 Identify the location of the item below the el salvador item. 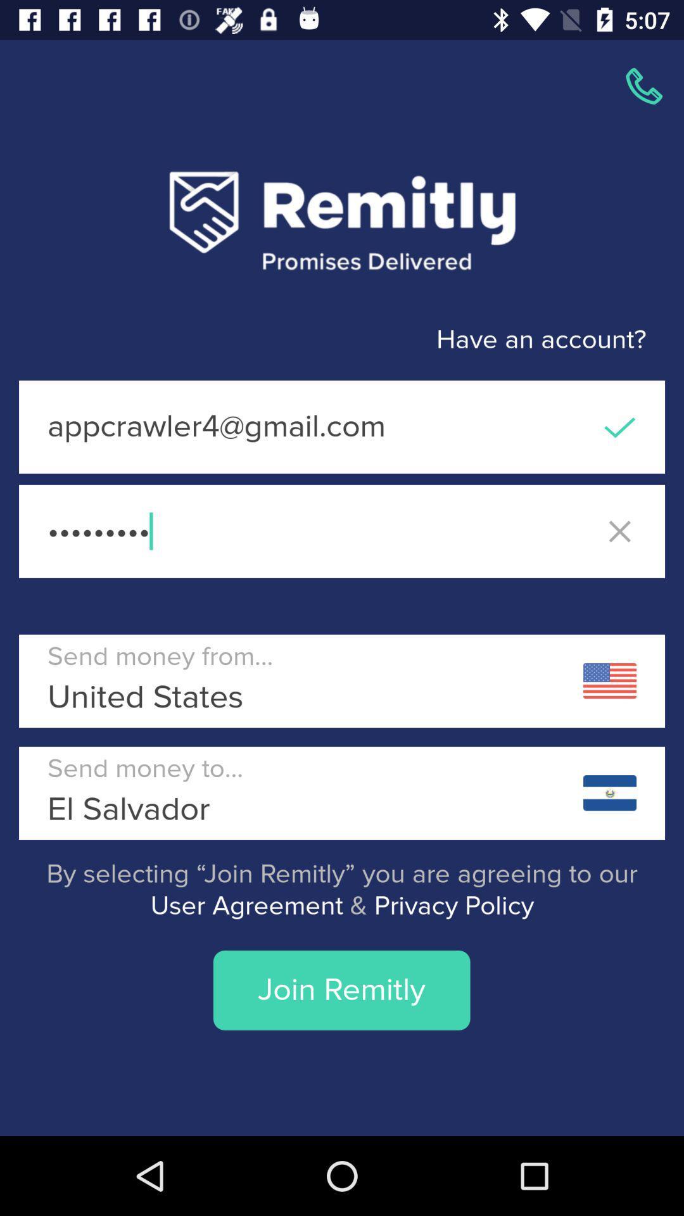
(342, 889).